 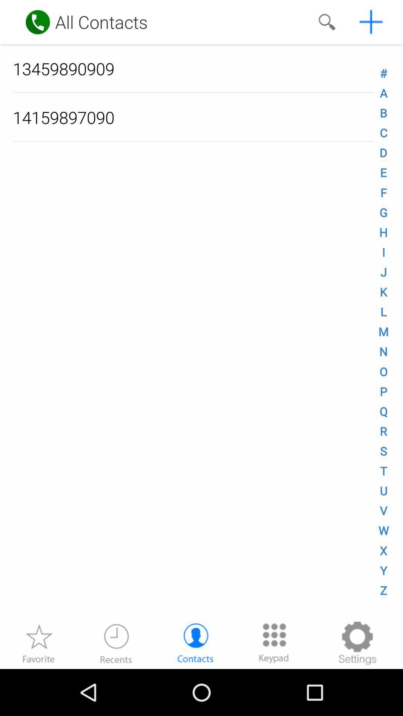 What do you see at coordinates (274, 643) in the screenshot?
I see `keypad button` at bounding box center [274, 643].